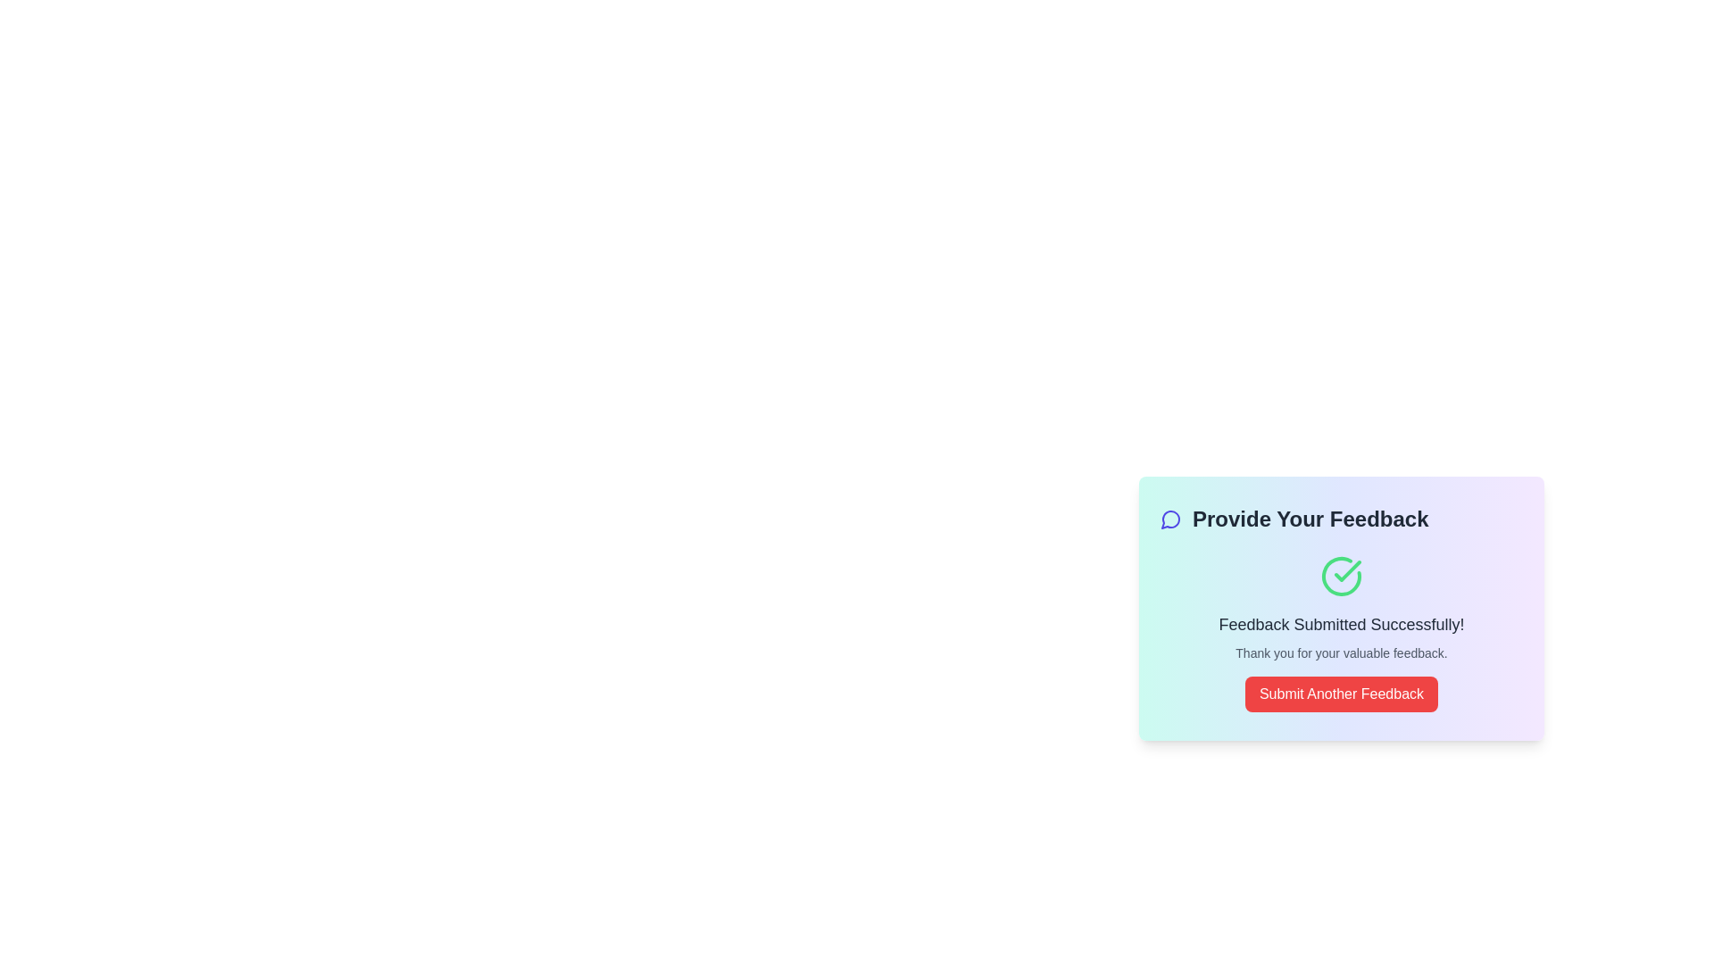 The height and width of the screenshot is (964, 1714). What do you see at coordinates (1341, 576) in the screenshot?
I see `the circular green checkmark icon located in the feedback confirmation card, positioned above the text 'Feedback Submitted Successfully!'` at bounding box center [1341, 576].